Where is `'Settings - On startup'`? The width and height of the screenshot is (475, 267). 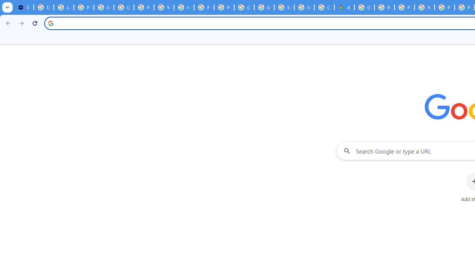
'Settings - On startup' is located at coordinates (24, 7).